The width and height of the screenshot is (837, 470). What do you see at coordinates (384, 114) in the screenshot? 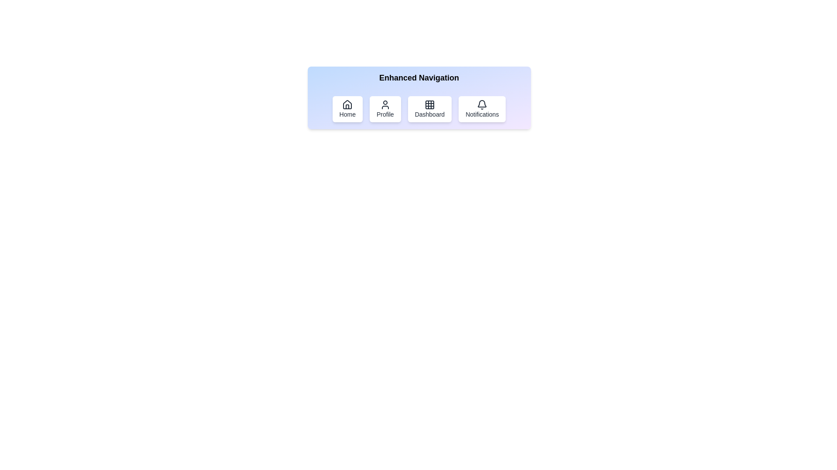
I see `the 'Profile' button located in the horizontal navigation bar` at bounding box center [384, 114].